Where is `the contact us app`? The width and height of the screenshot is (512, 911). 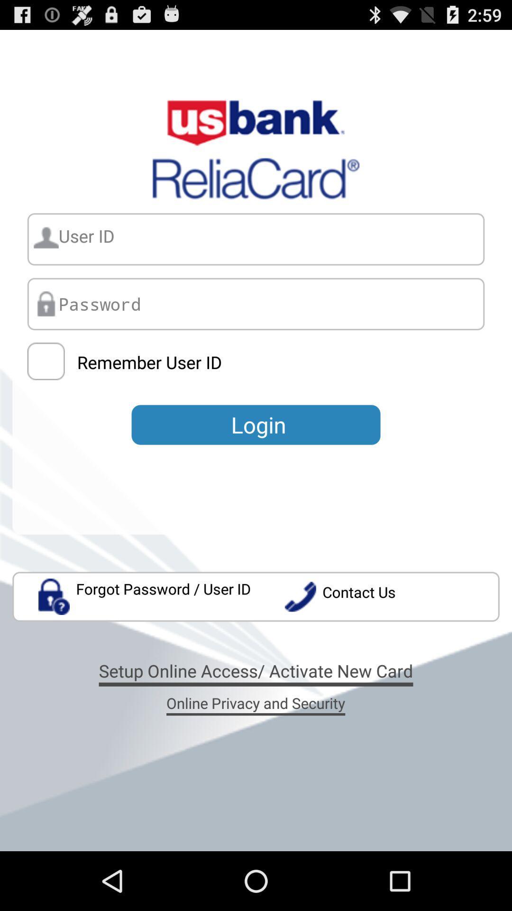
the contact us app is located at coordinates (392, 596).